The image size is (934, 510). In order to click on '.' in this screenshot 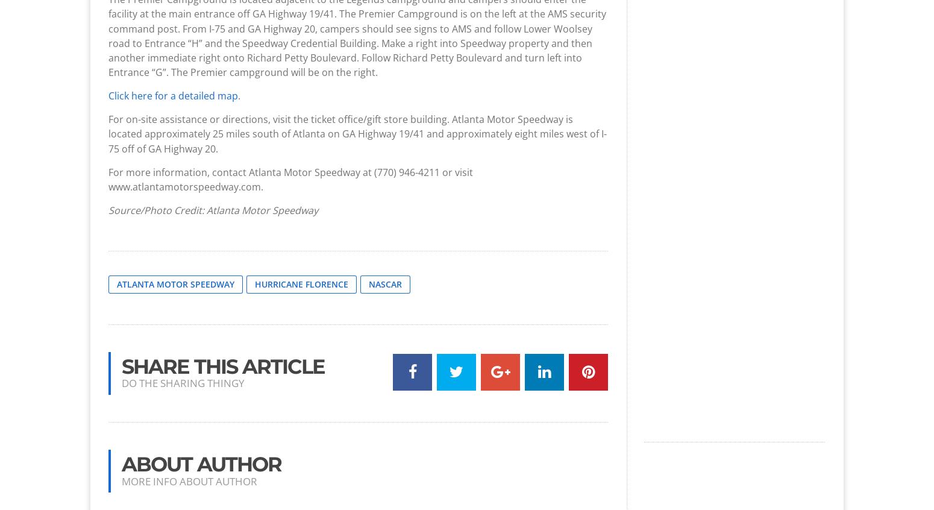, I will do `click(239, 95)`.